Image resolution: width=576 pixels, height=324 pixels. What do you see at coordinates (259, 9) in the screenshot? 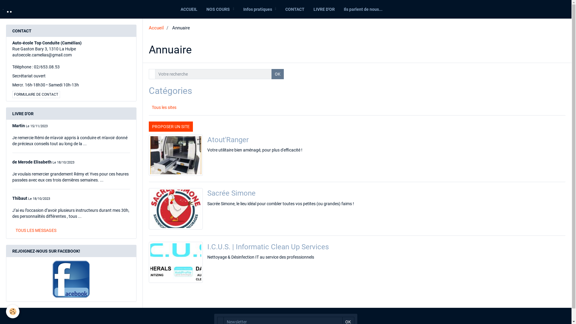
I see `'Infos pratiques'` at bounding box center [259, 9].